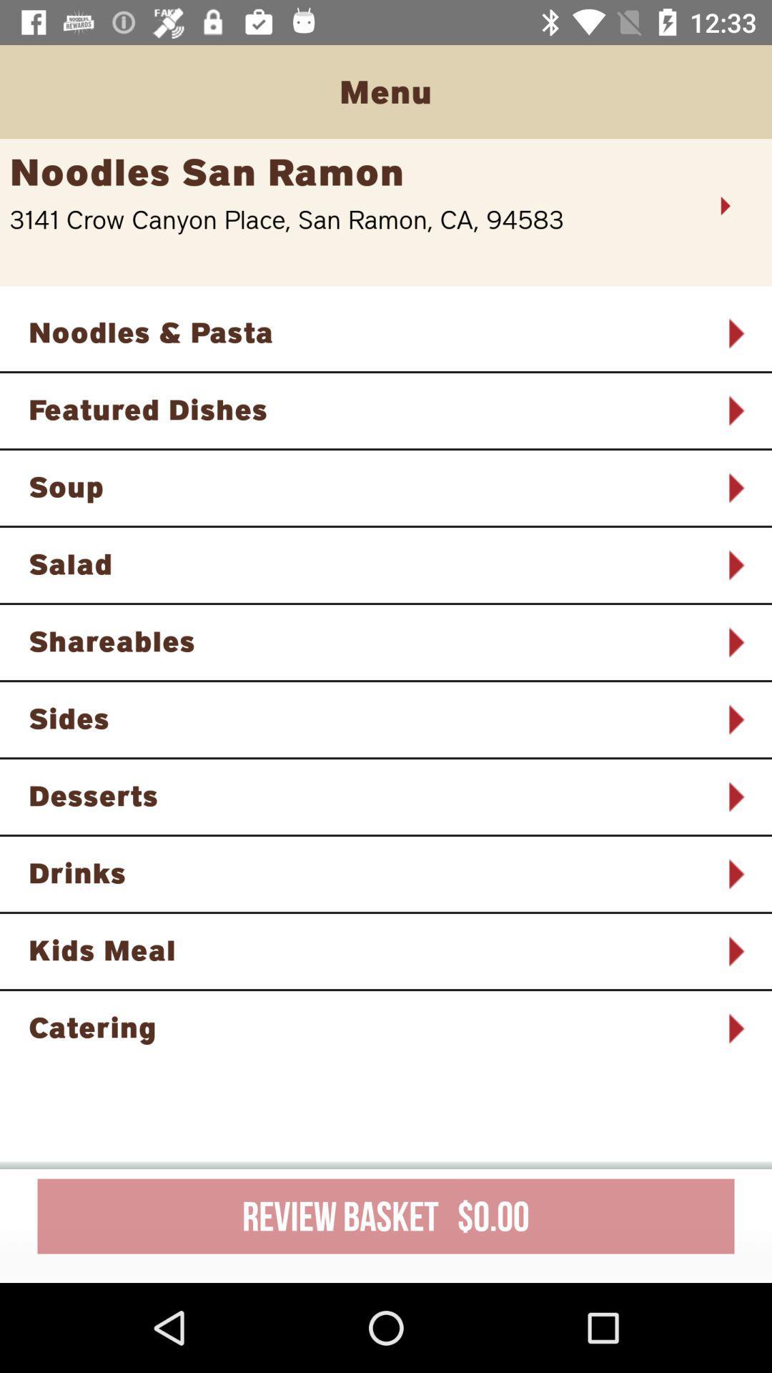 The image size is (772, 1373). What do you see at coordinates (735, 1028) in the screenshot?
I see `the icon to the right of catering  item` at bounding box center [735, 1028].